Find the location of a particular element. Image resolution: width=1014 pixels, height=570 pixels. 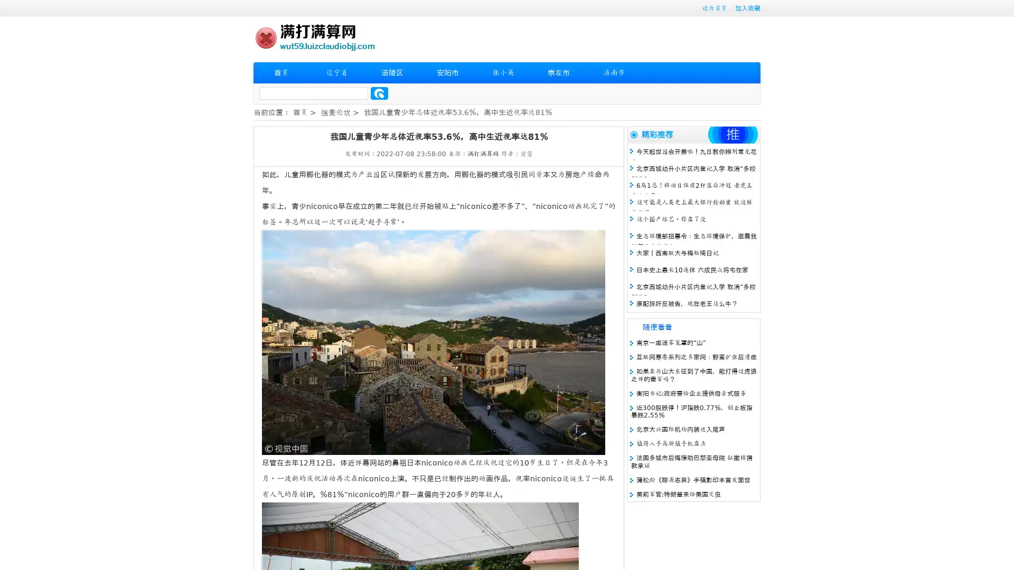

Search is located at coordinates (379, 93).